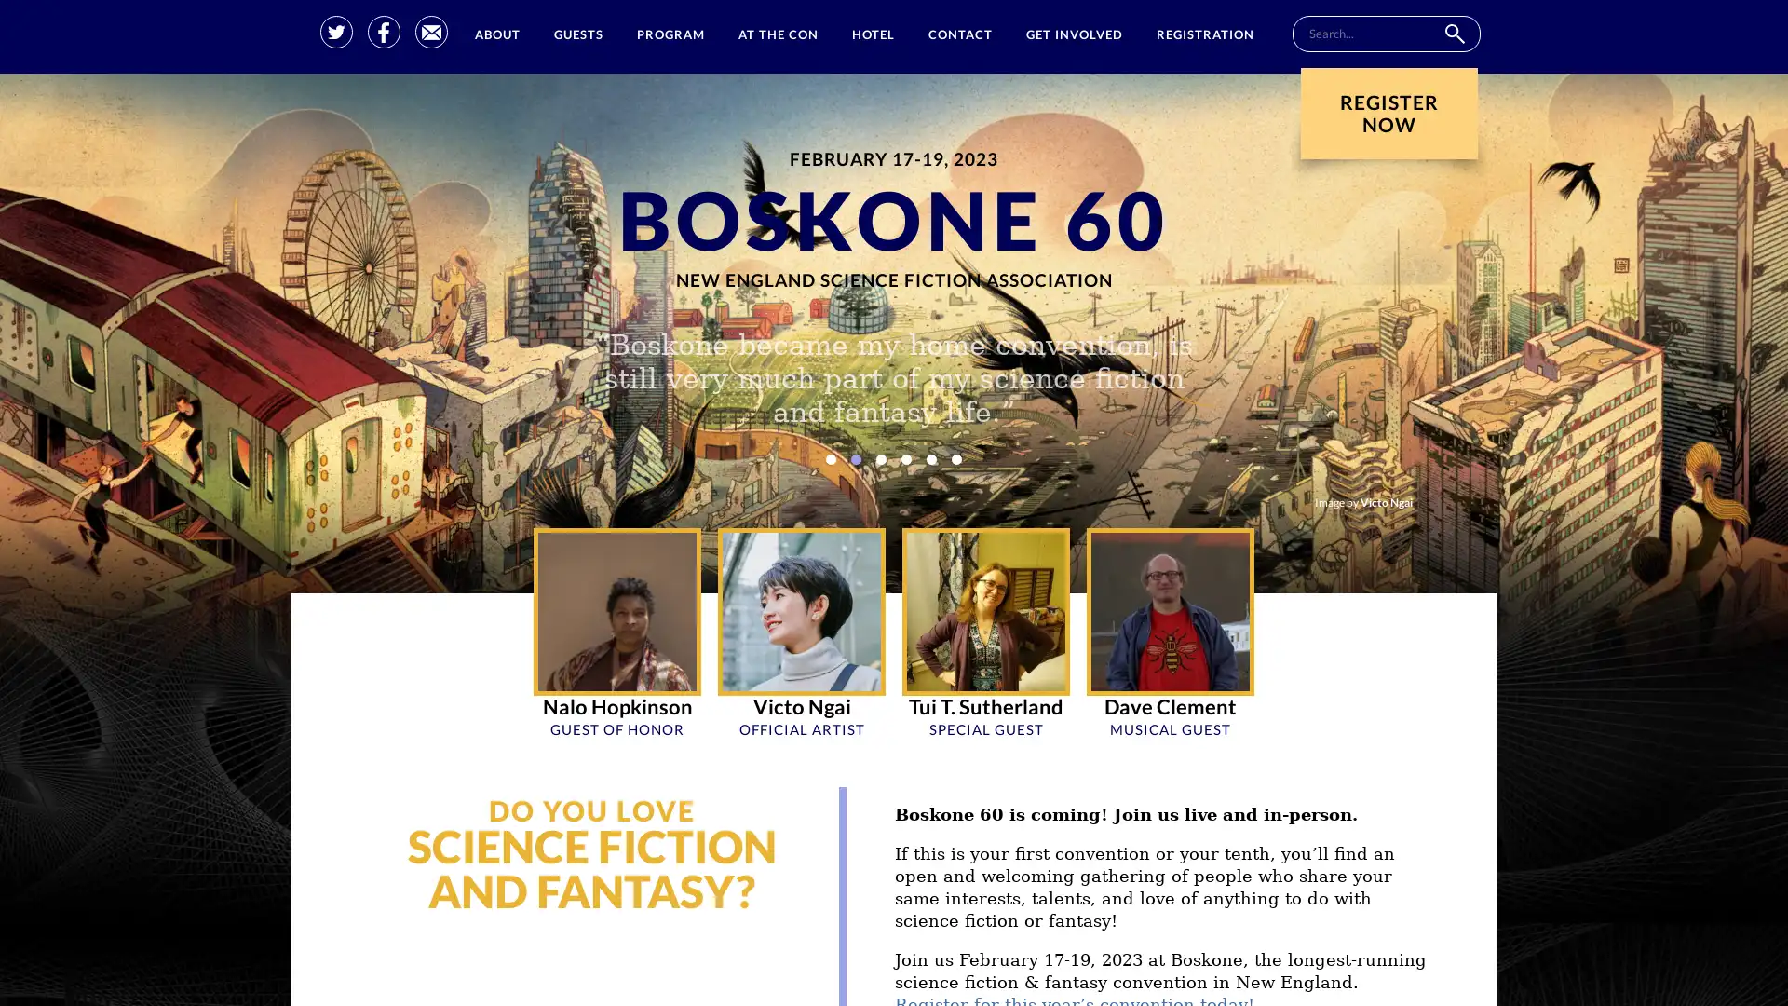  What do you see at coordinates (1453, 34) in the screenshot?
I see `Search` at bounding box center [1453, 34].